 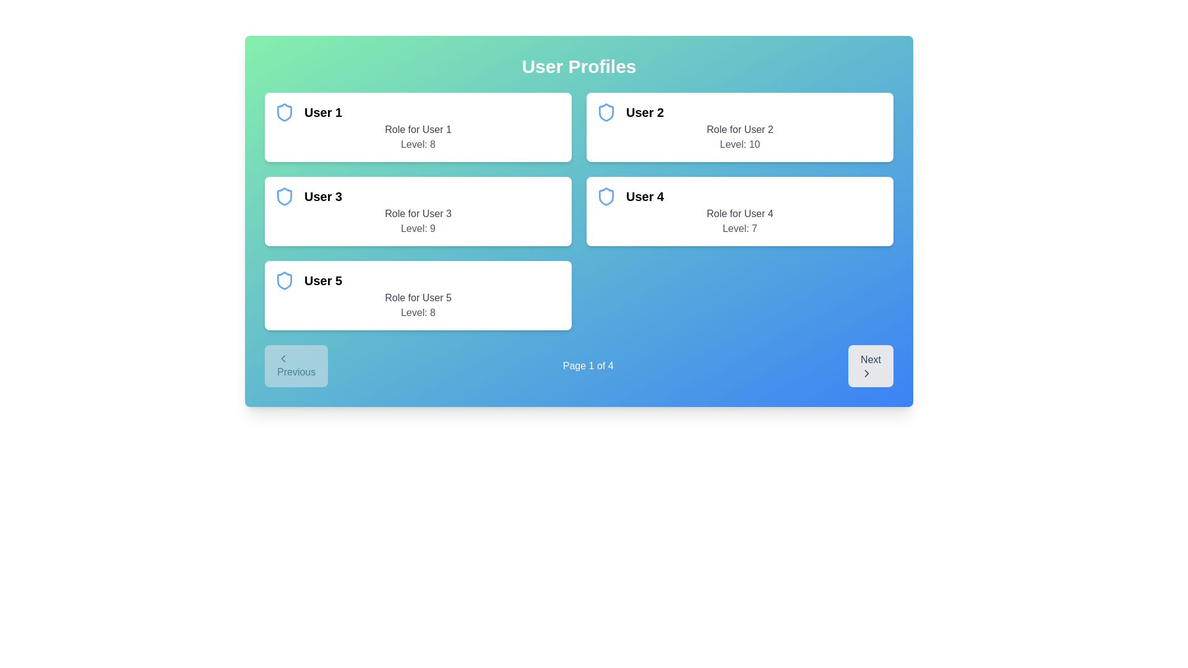 What do you see at coordinates (606, 195) in the screenshot?
I see `the security icon located to the left of the user's name in the 'User 4' card` at bounding box center [606, 195].